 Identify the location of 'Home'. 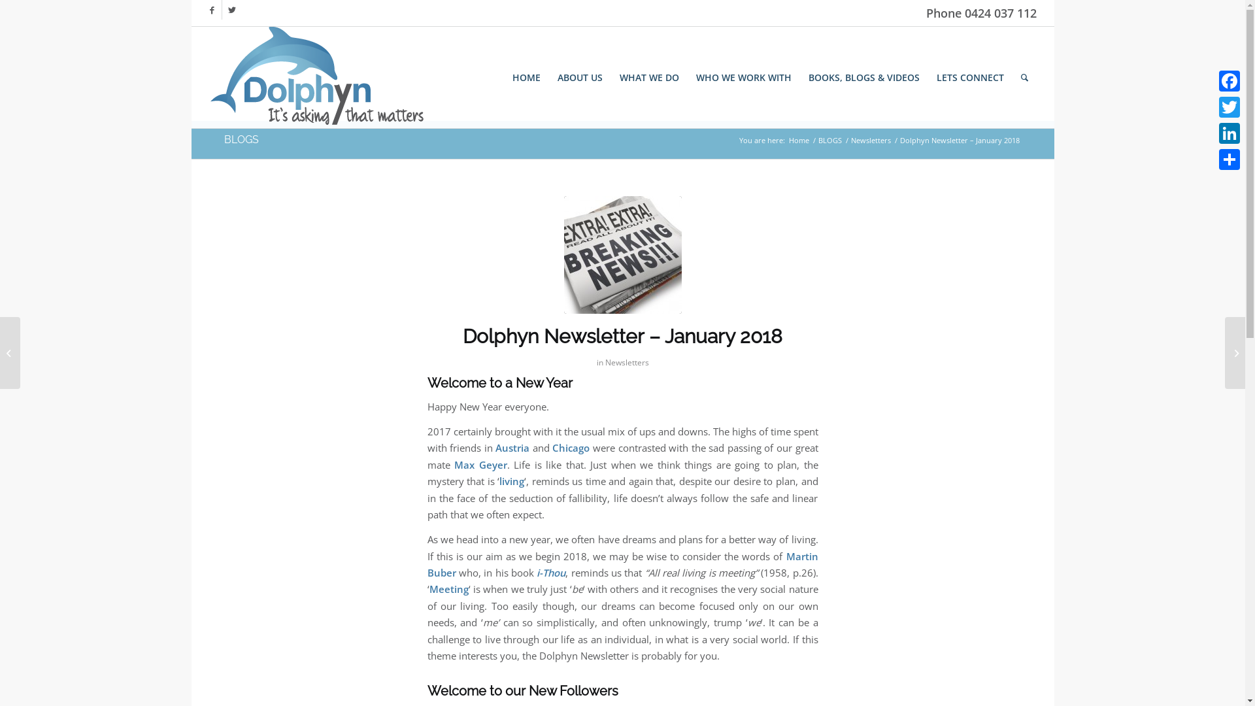
(798, 140).